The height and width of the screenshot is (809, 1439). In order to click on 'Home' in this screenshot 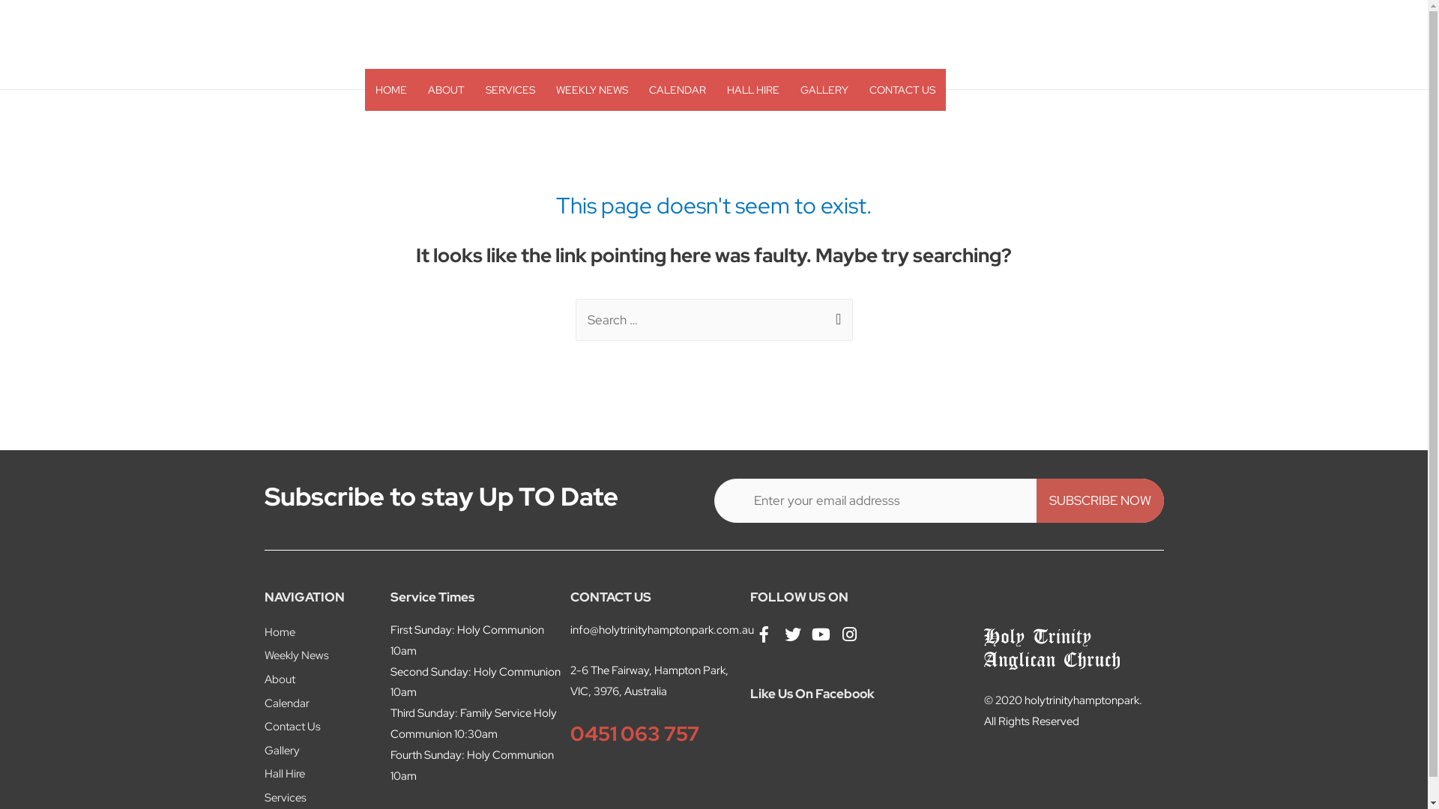, I will do `click(279, 632)`.